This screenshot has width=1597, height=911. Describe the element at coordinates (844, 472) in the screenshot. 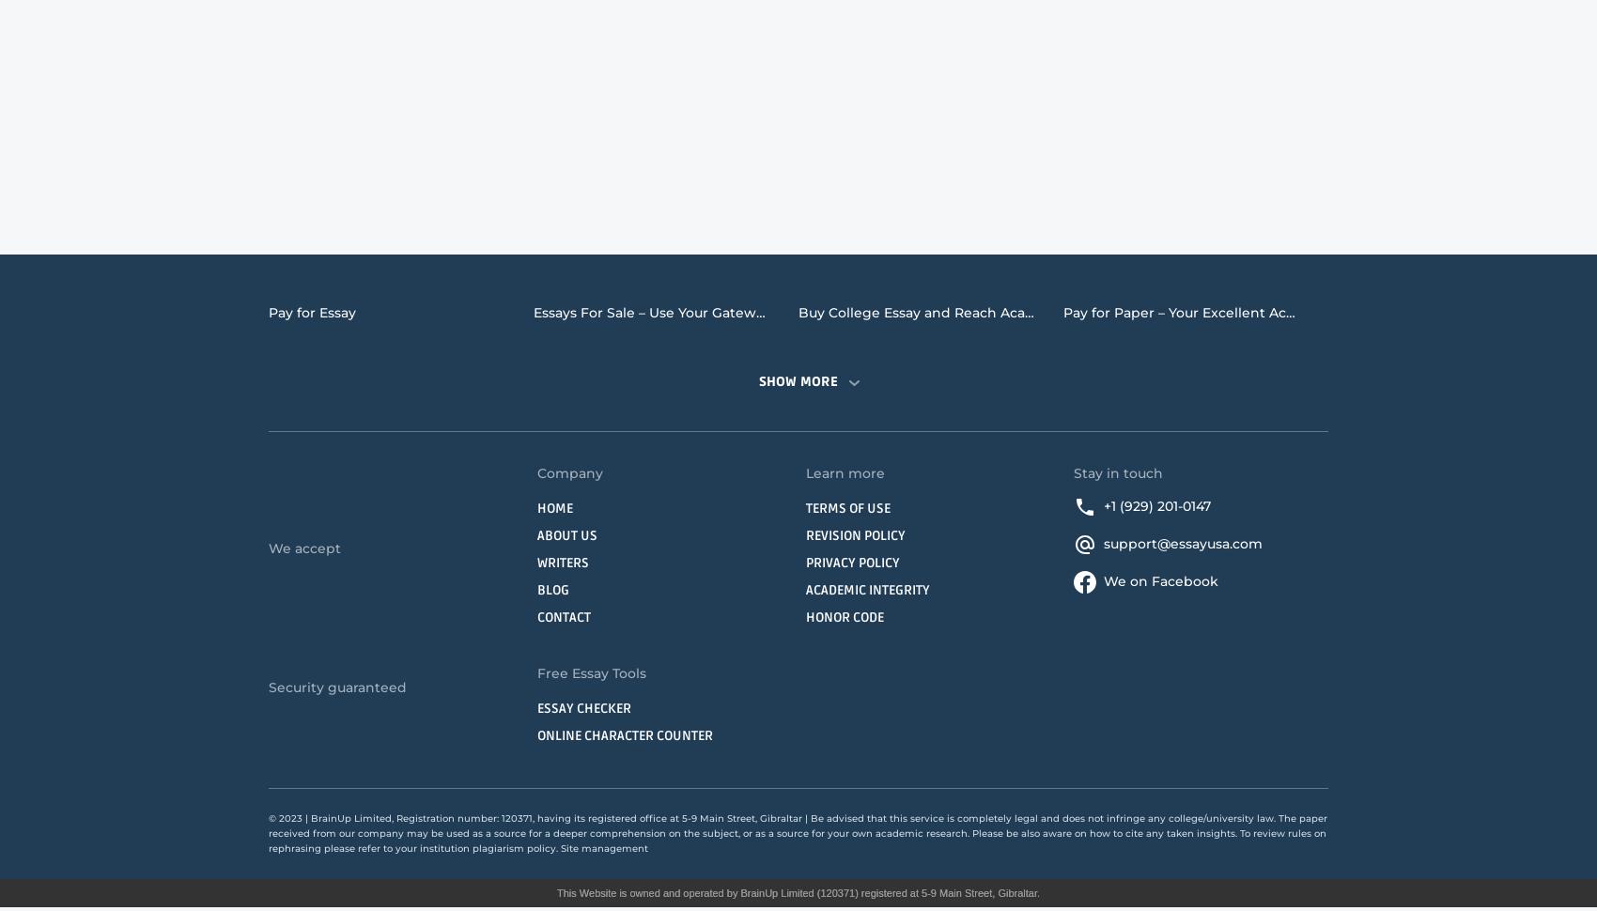

I see `'Learn more'` at that location.